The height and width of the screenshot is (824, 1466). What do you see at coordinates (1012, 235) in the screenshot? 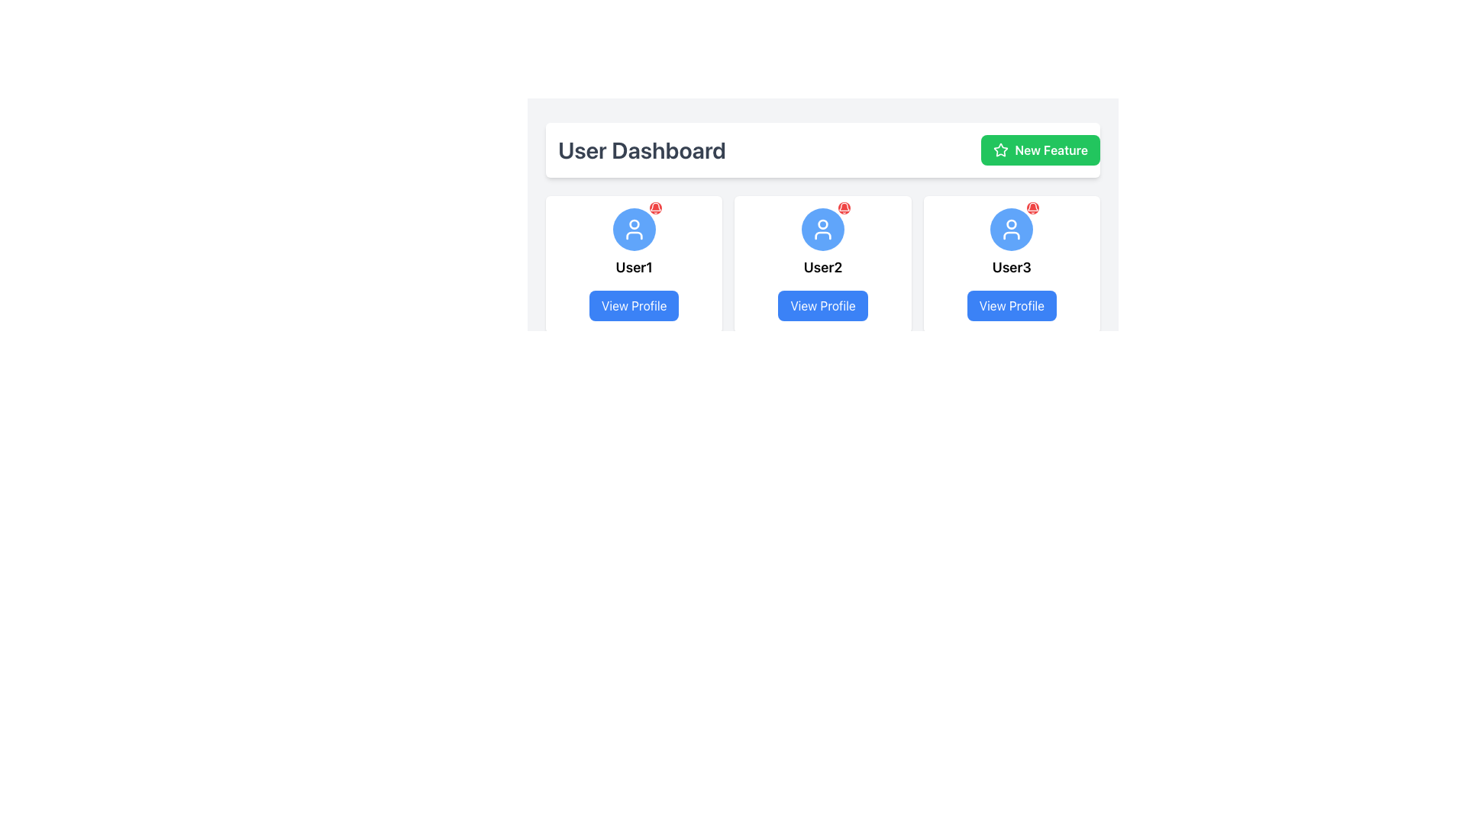
I see `the lower body segment of the user icon in the 'User3' profile section, which is represented as part of a simplified human outline within a circle` at bounding box center [1012, 235].